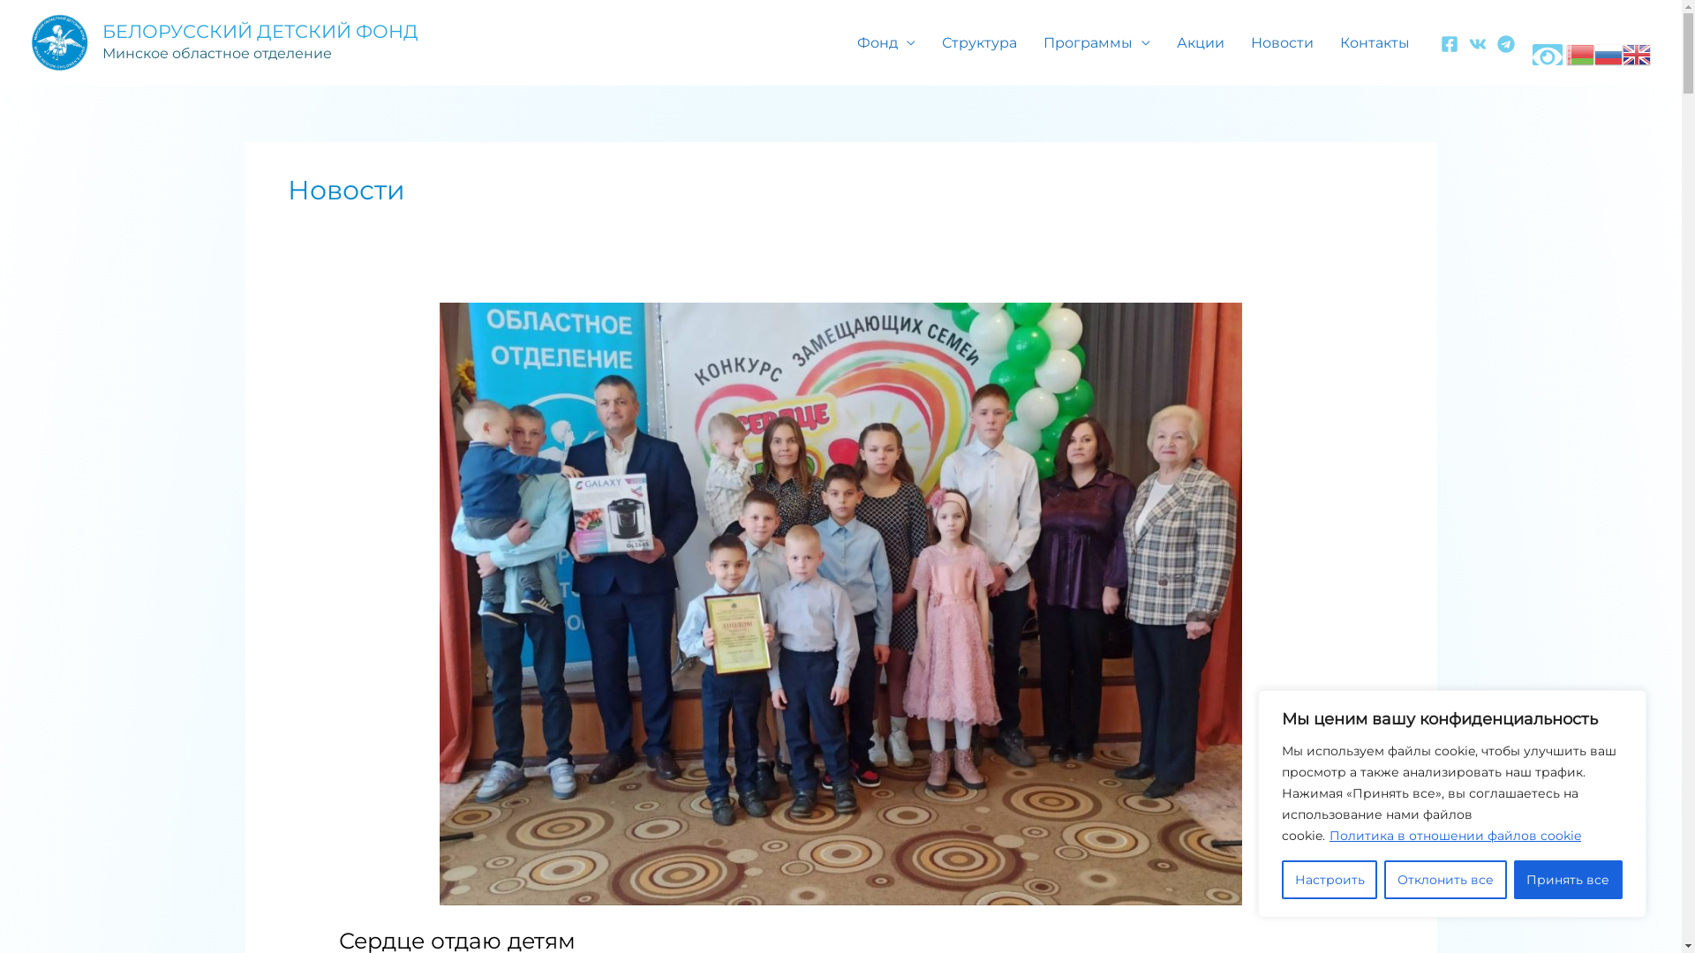 This screenshot has width=1695, height=953. I want to click on 'Belarusian', so click(1580, 51).